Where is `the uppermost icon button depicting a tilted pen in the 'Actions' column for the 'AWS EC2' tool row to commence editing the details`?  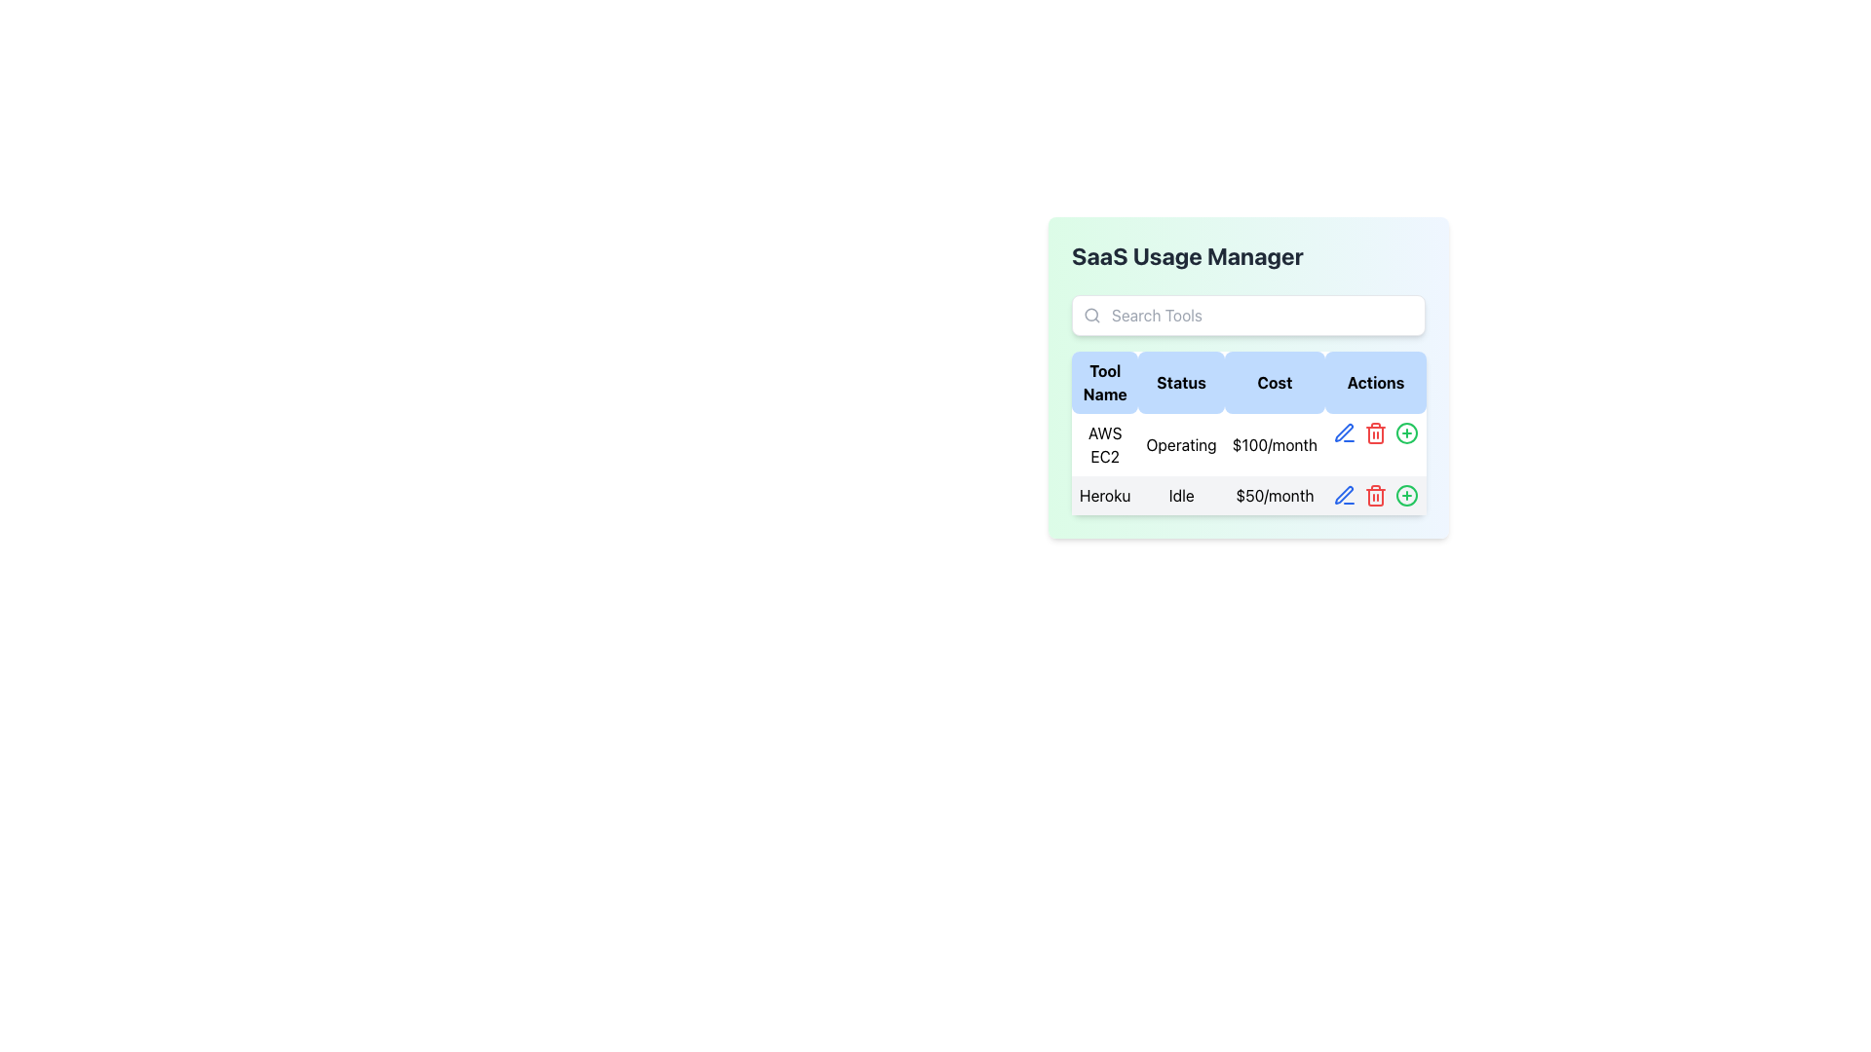
the uppermost icon button depicting a tilted pen in the 'Actions' column for the 'AWS EC2' tool row to commence editing the details is located at coordinates (1343, 494).